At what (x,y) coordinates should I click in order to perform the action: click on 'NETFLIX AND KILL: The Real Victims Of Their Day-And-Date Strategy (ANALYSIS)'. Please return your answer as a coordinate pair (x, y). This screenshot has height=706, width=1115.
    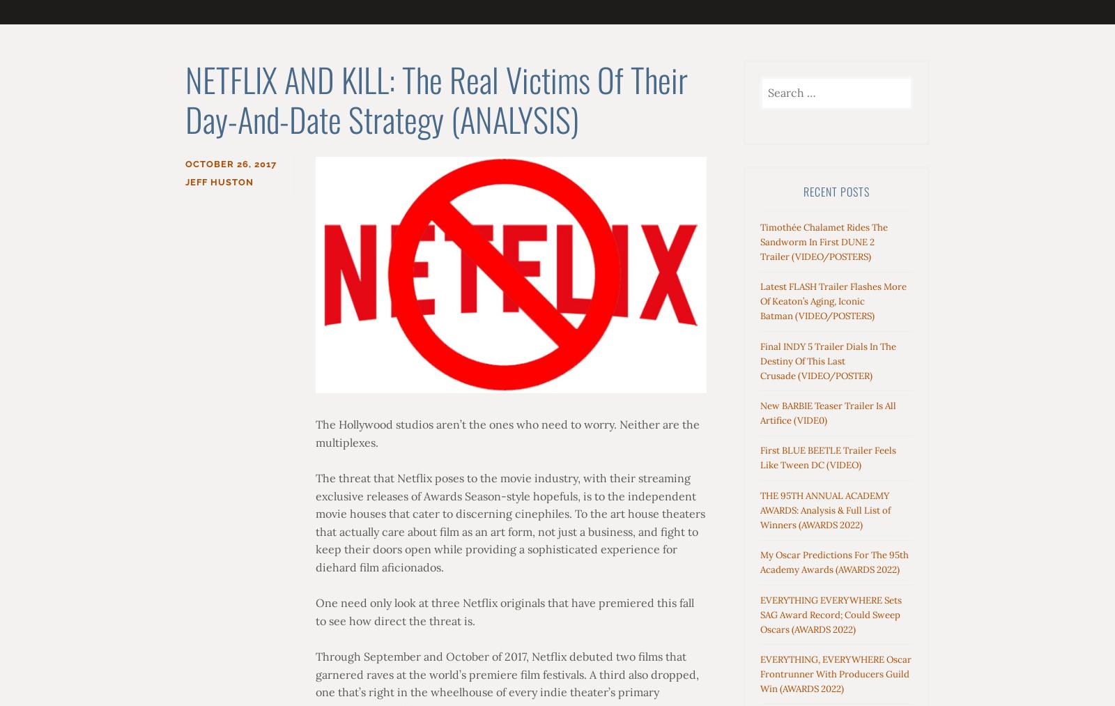
    Looking at the image, I should click on (436, 99).